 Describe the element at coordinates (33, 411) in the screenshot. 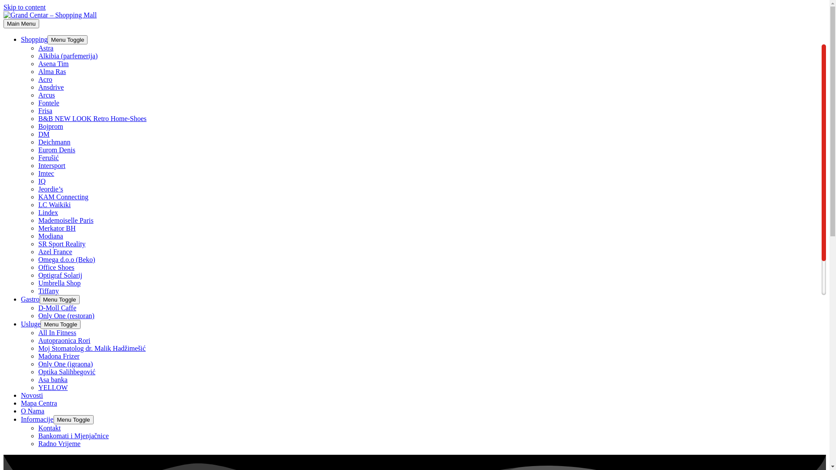

I see `'O Nama'` at that location.